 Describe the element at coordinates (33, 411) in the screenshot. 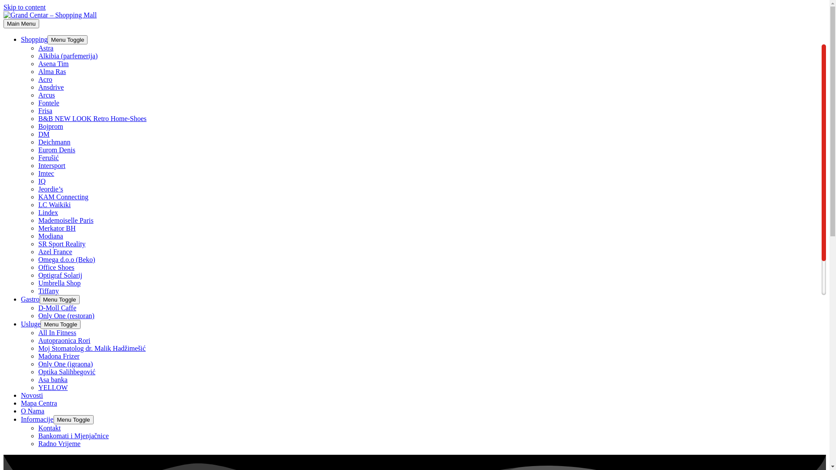

I see `'O Nama'` at that location.